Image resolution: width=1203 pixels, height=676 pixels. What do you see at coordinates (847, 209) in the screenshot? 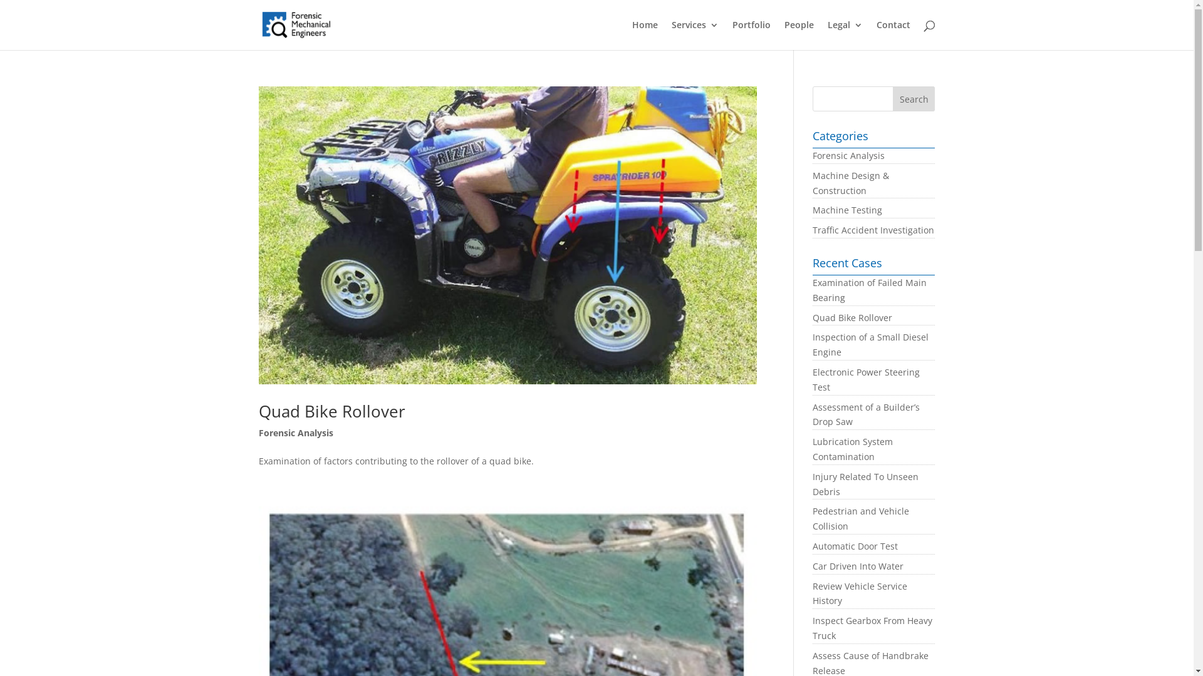
I see `'Machine Testing'` at bounding box center [847, 209].